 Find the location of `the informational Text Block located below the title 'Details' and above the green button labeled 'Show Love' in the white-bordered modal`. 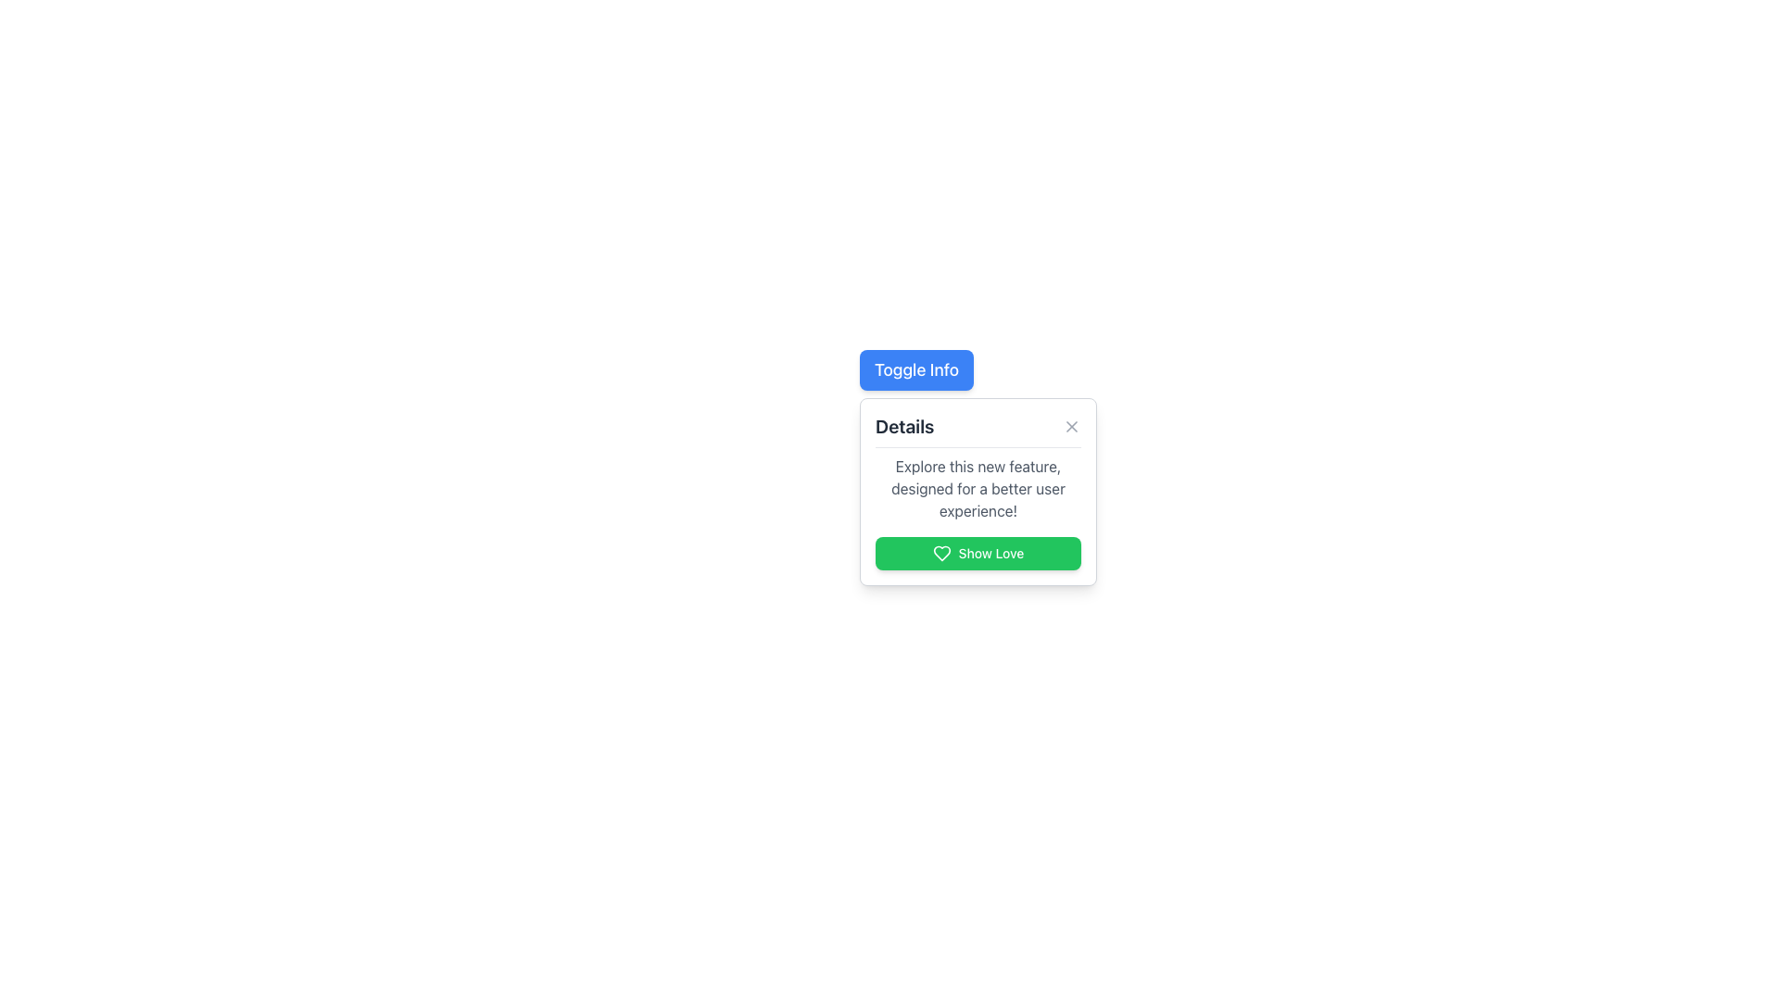

the informational Text Block located below the title 'Details' and above the green button labeled 'Show Love' in the white-bordered modal is located at coordinates (978, 513).